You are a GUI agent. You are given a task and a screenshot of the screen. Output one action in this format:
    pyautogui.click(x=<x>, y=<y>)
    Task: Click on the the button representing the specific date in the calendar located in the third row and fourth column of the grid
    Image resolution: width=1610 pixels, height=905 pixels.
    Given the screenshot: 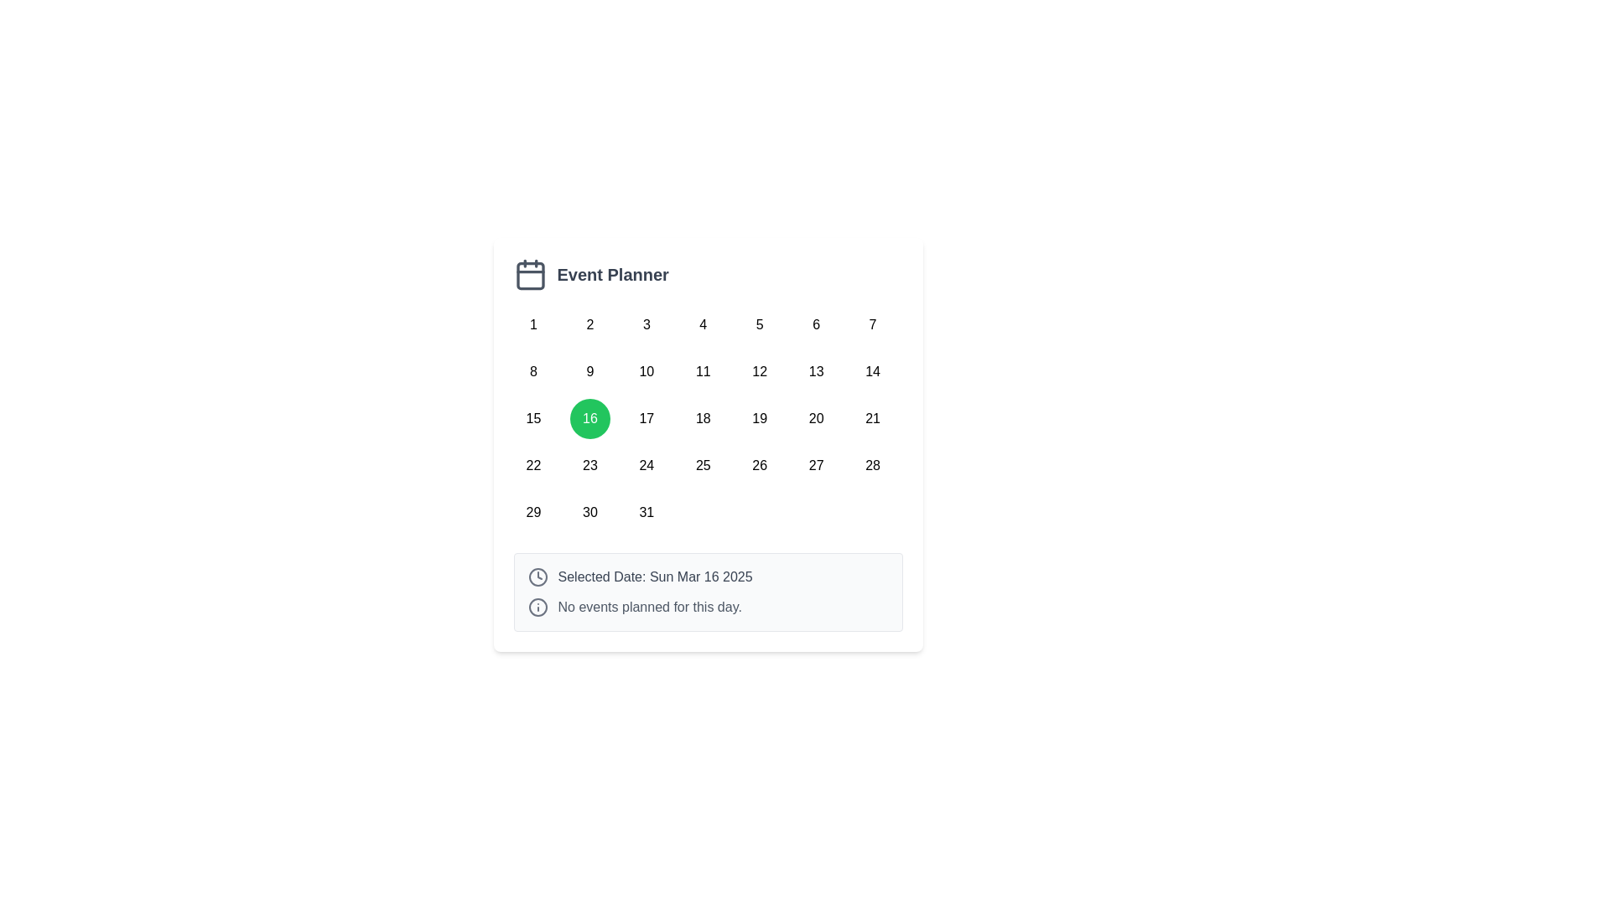 What is the action you would take?
    pyautogui.click(x=646, y=418)
    